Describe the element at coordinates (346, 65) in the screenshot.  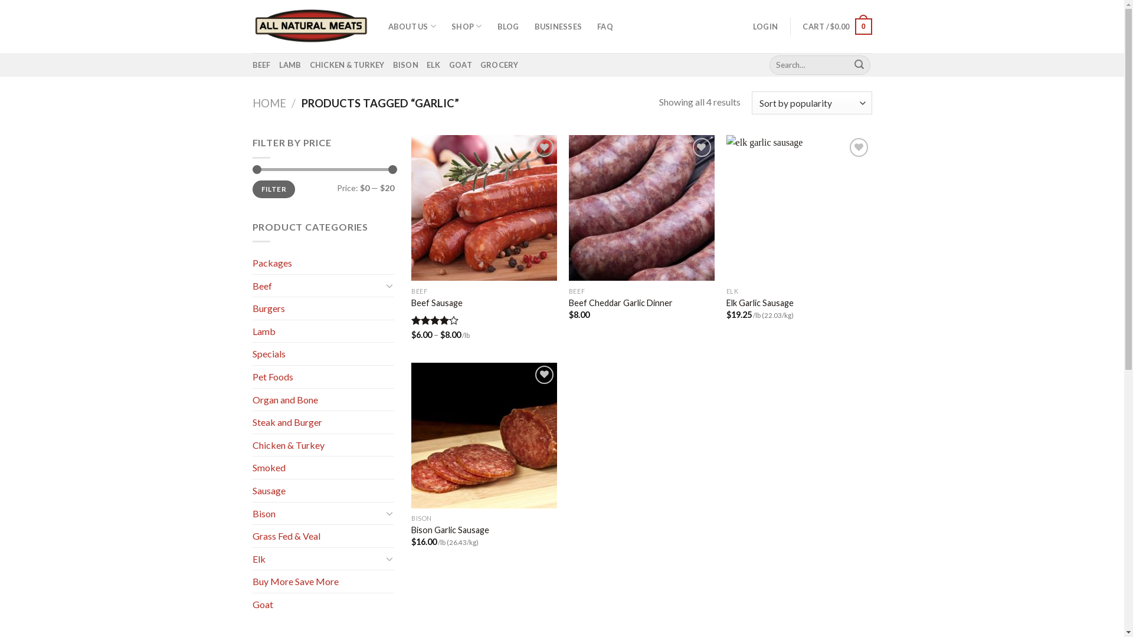
I see `'CHICKEN & TURKEY'` at that location.